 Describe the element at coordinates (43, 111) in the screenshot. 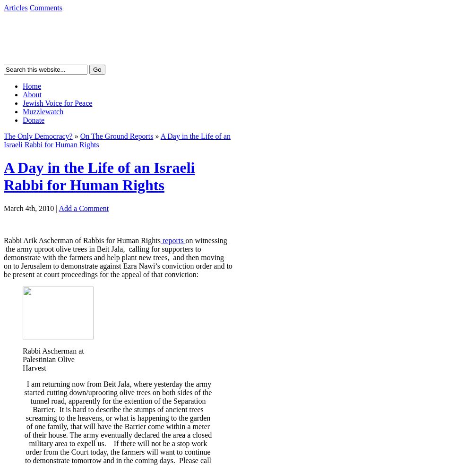

I see `'Muzzlewatch'` at that location.